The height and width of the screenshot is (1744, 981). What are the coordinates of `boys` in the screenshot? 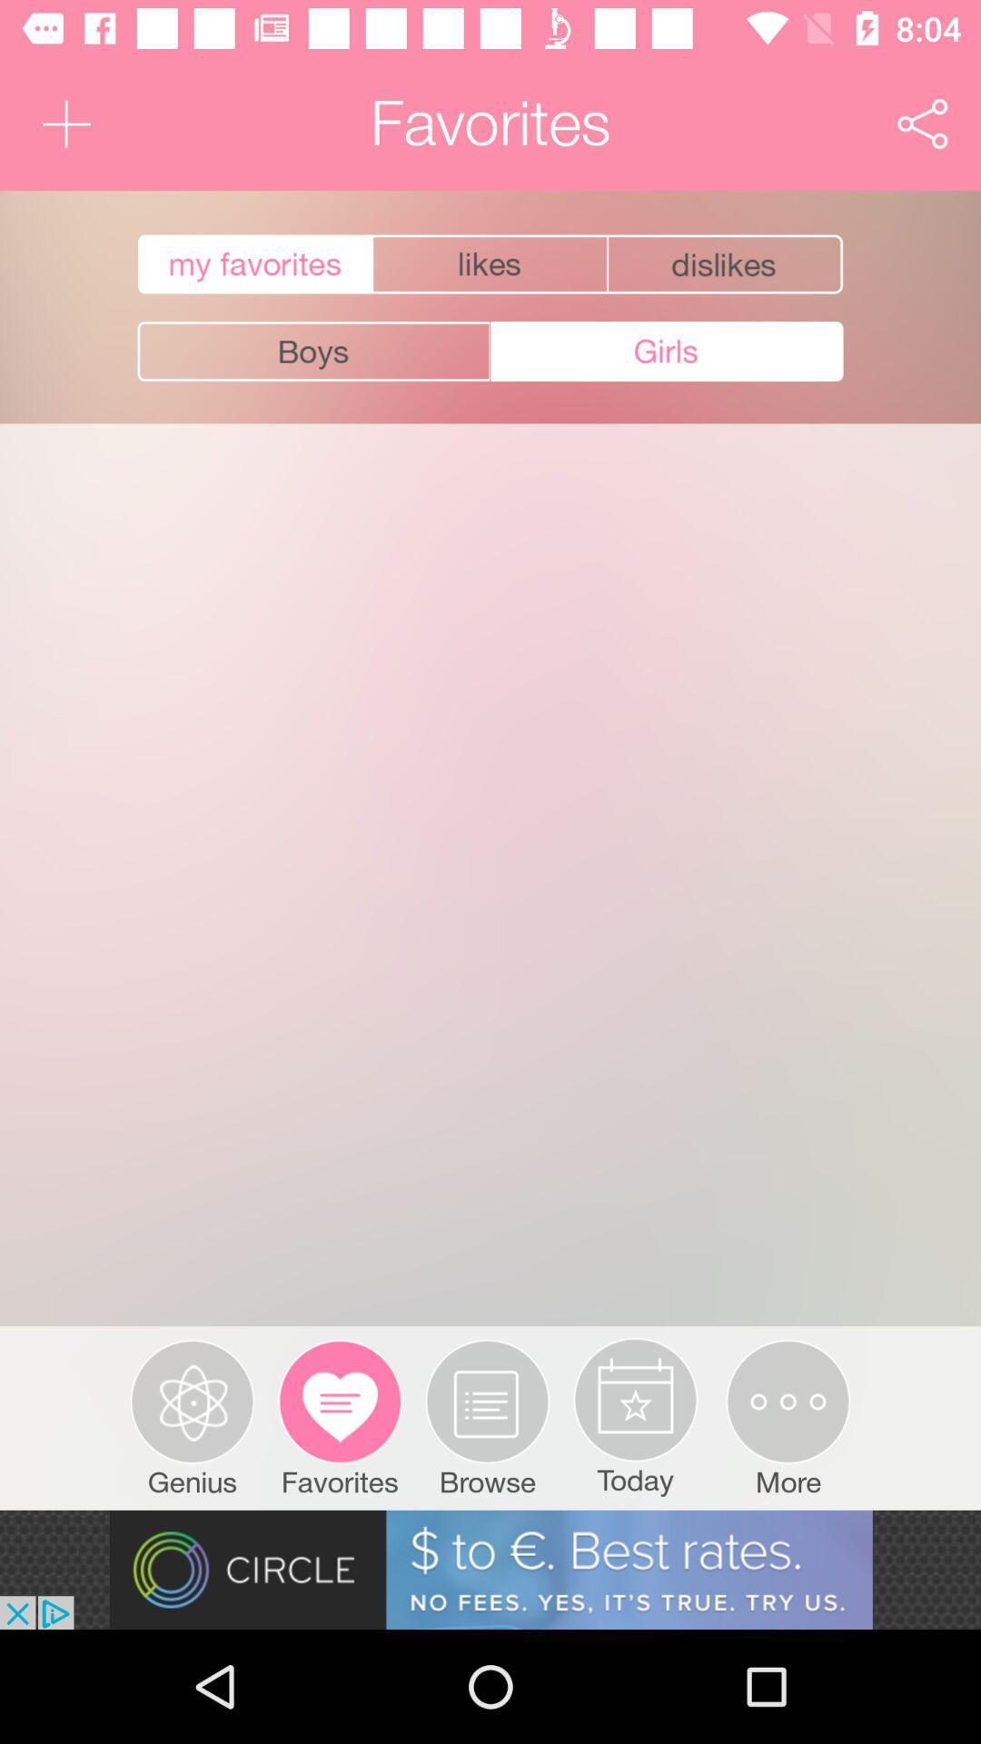 It's located at (312, 352).